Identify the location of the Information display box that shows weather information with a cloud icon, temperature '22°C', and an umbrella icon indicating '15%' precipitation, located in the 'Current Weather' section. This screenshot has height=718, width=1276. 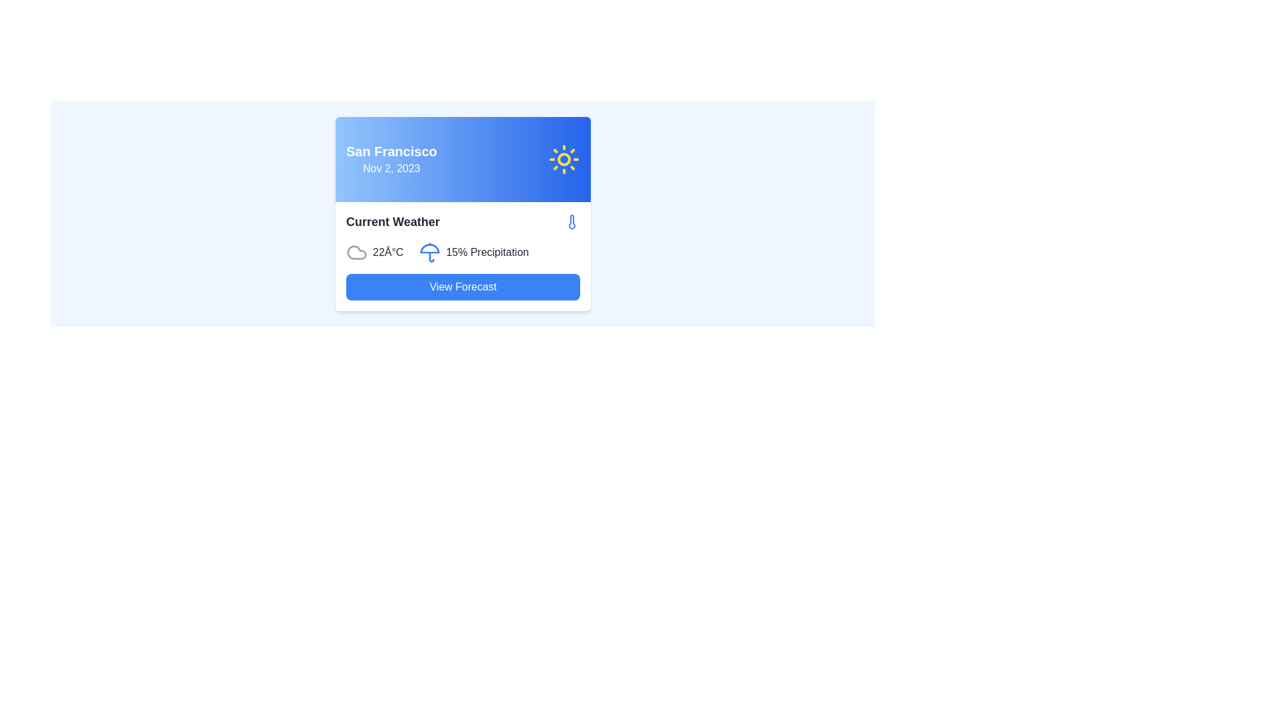
(463, 253).